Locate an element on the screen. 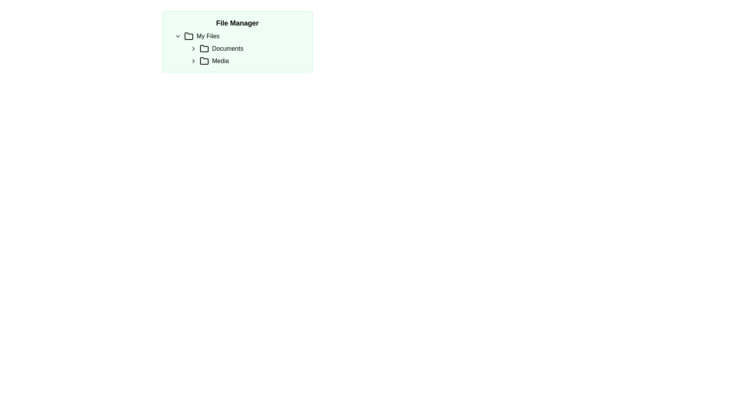  on the 'Documents' text label located under the 'My Files' section in the file management interface is located at coordinates (240, 49).